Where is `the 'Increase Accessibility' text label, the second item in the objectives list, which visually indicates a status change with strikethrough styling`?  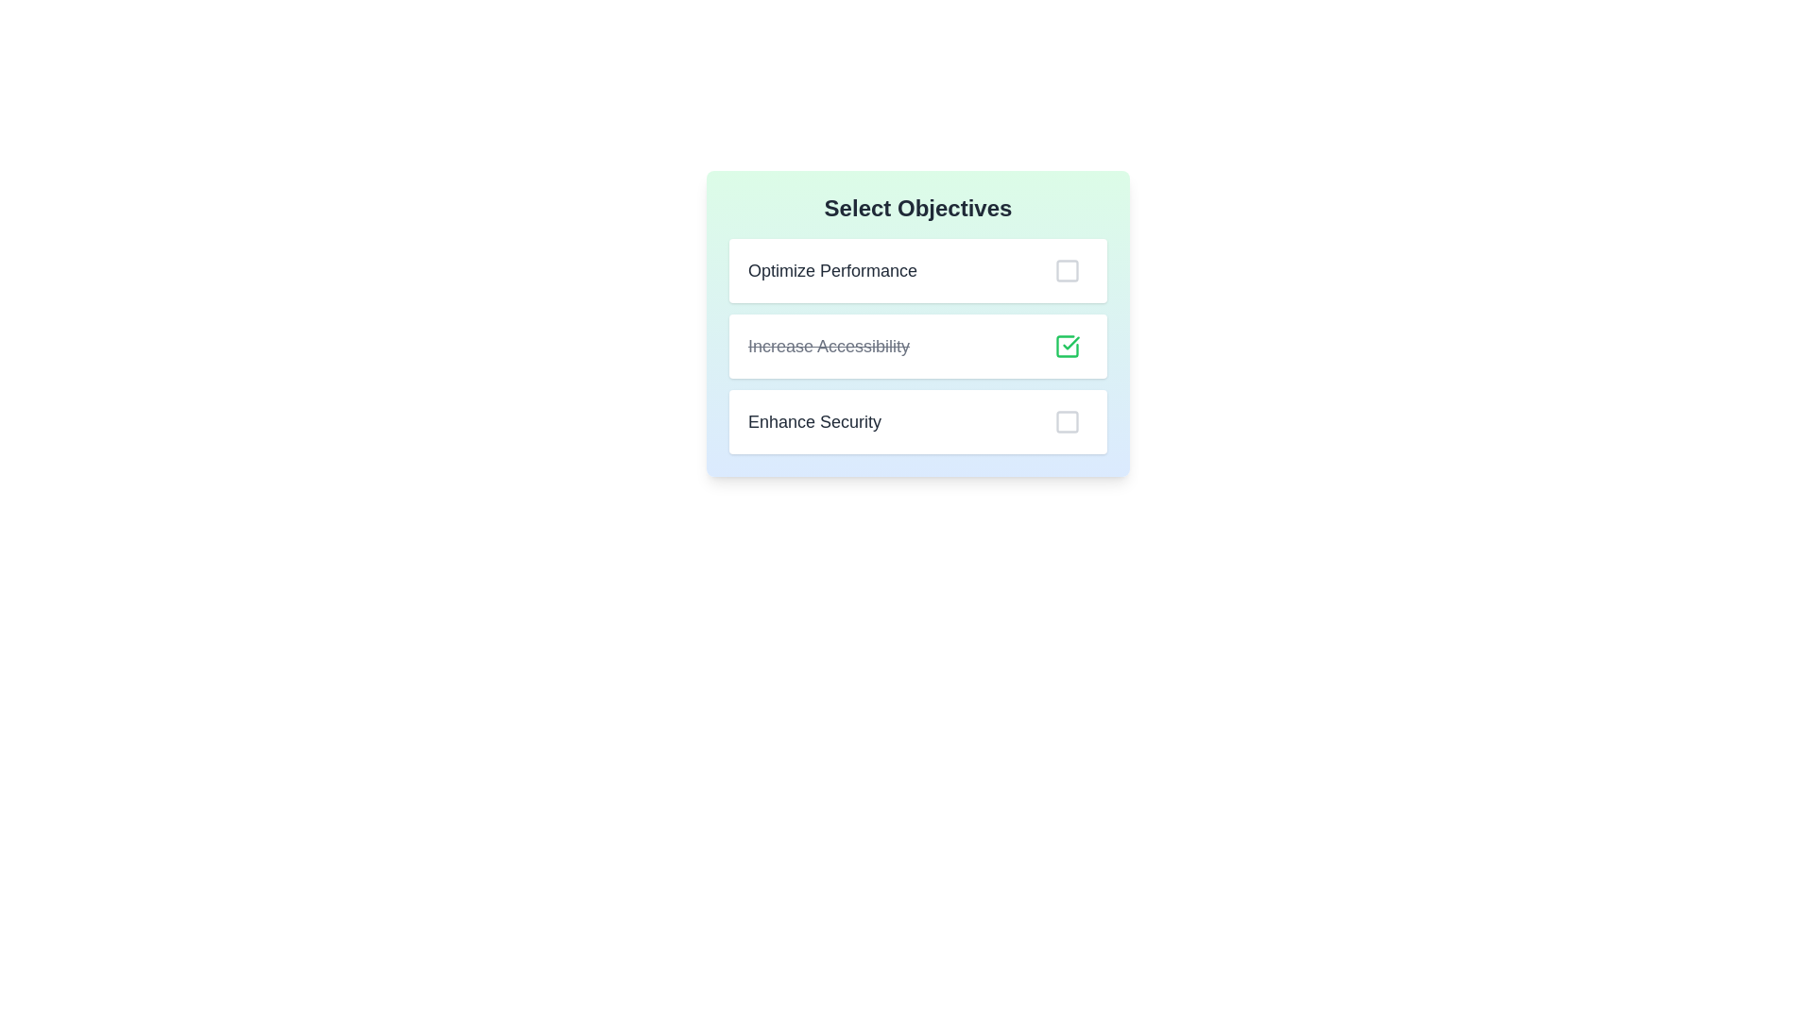
the 'Increase Accessibility' text label, the second item in the objectives list, which visually indicates a status change with strikethrough styling is located at coordinates (829, 346).